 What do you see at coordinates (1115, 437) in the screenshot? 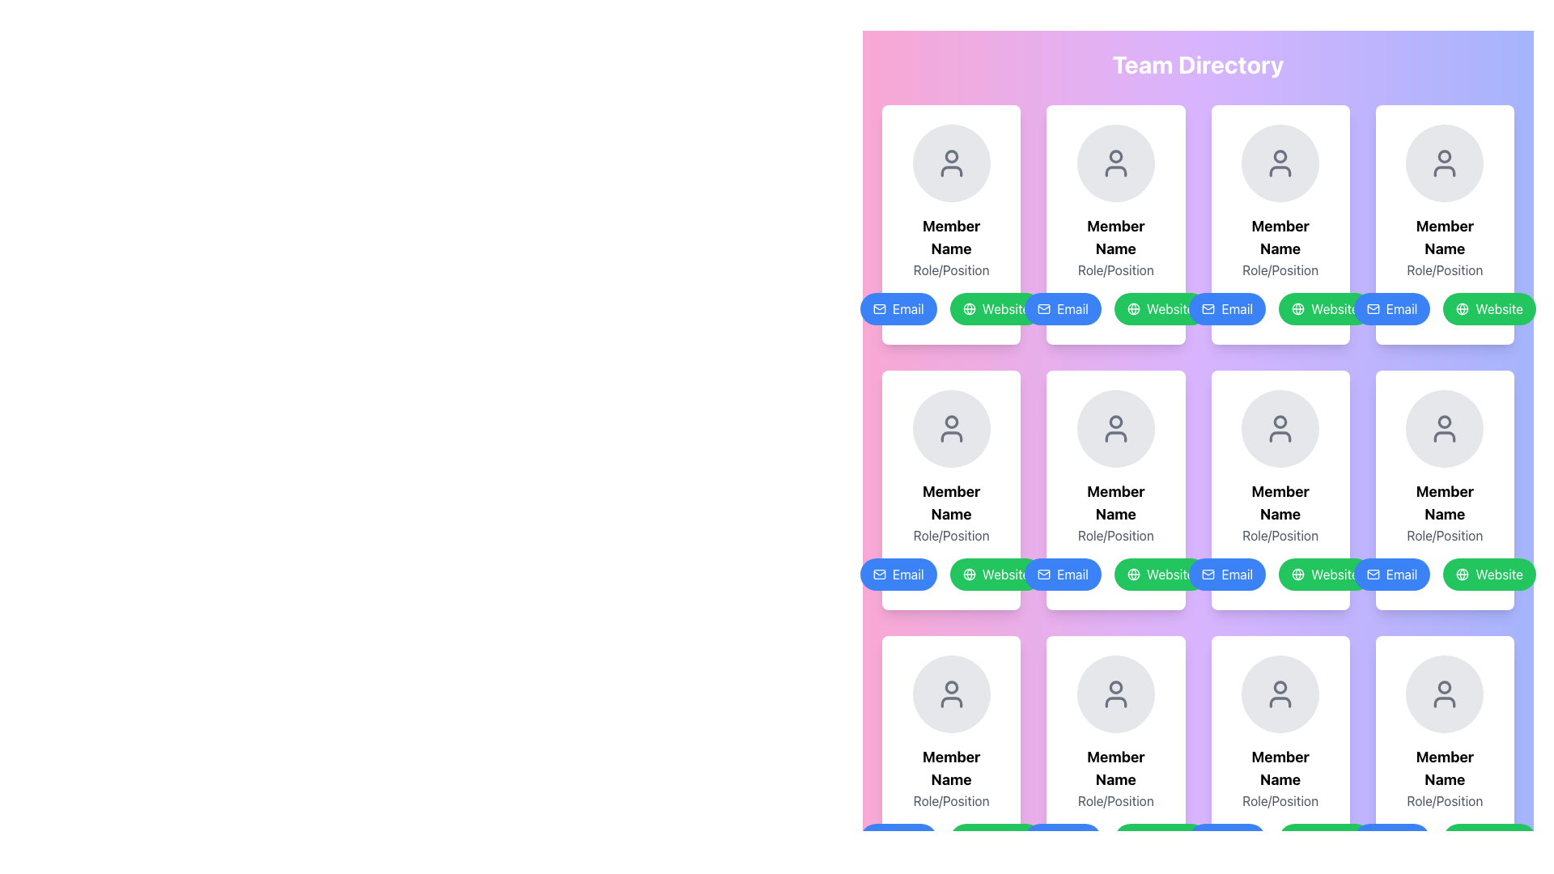
I see `the illustrative segment of the user profile icon located in the second row, second column of the layout, which is positioned below the circular depiction of a head` at bounding box center [1115, 437].